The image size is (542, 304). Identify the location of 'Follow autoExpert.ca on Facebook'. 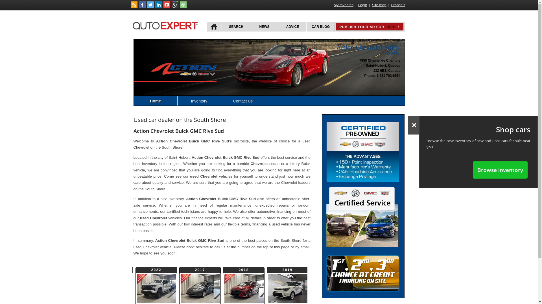
(142, 7).